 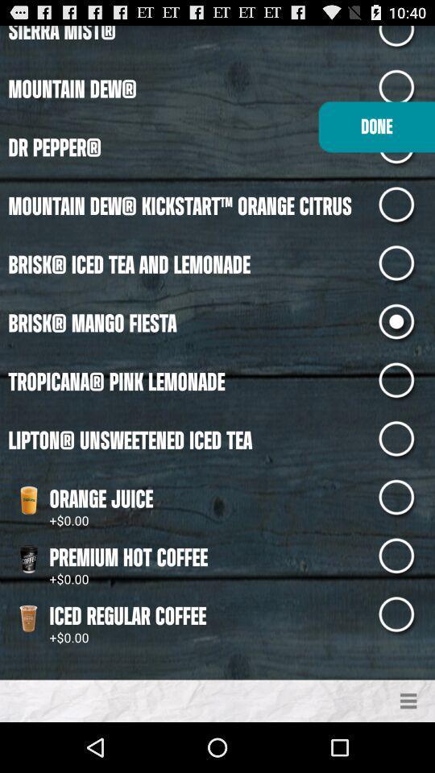 What do you see at coordinates (406, 89) in the screenshot?
I see `the button which is above done` at bounding box center [406, 89].